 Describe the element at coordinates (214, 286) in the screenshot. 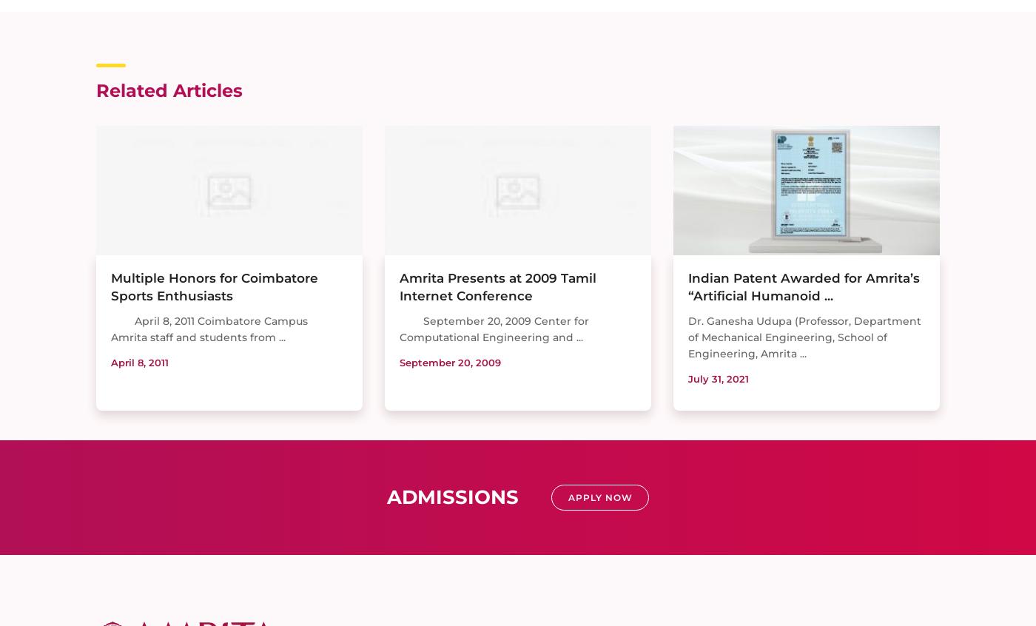

I see `'Multiple Honors for Coimbatore Sports Enthusiasts'` at that location.